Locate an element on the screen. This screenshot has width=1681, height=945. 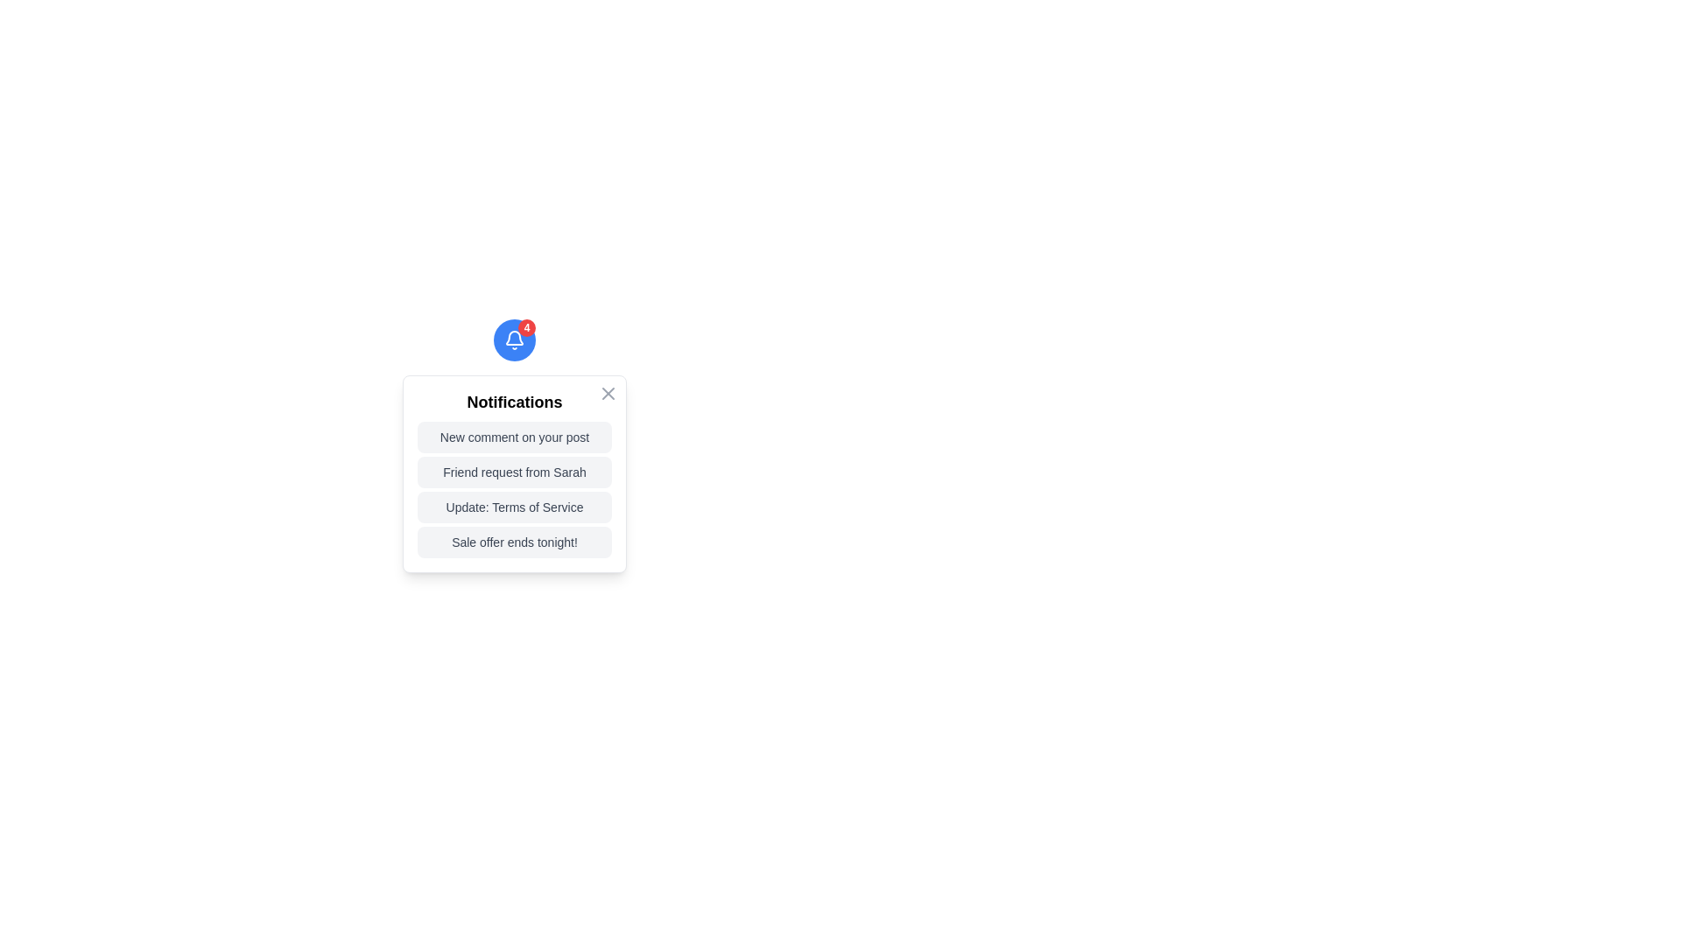
text from the notification item that displays 'Sale offer ends tonight!' located in the notification popup, positioned as the fourth item in a vertical list of notifications is located at coordinates (514, 542).